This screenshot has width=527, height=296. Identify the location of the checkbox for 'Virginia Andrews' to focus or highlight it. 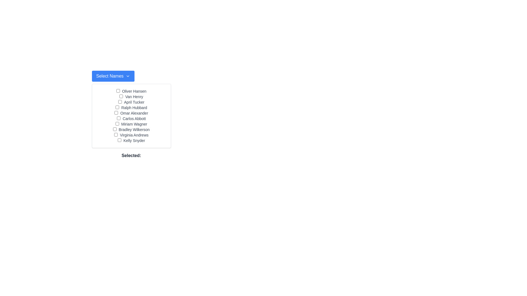
(116, 135).